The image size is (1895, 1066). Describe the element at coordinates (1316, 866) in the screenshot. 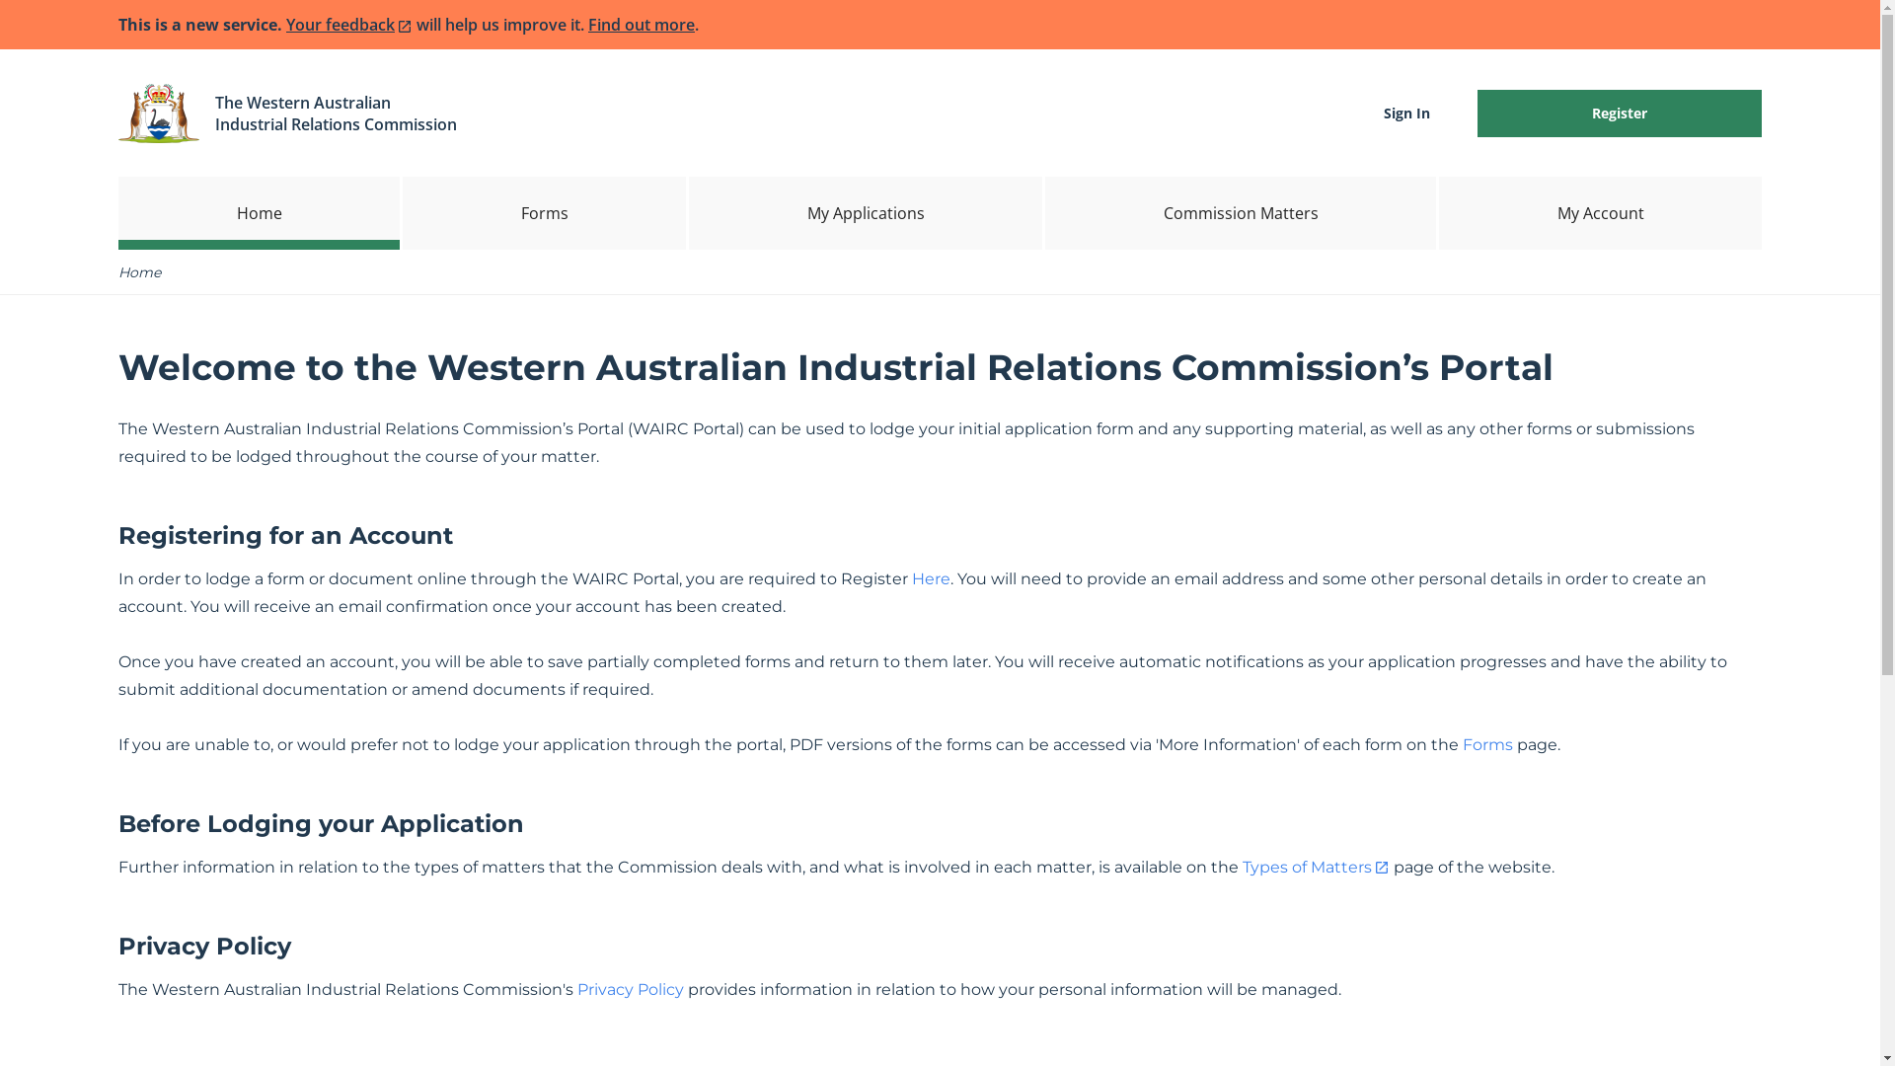

I see `'Types of Matters'` at that location.